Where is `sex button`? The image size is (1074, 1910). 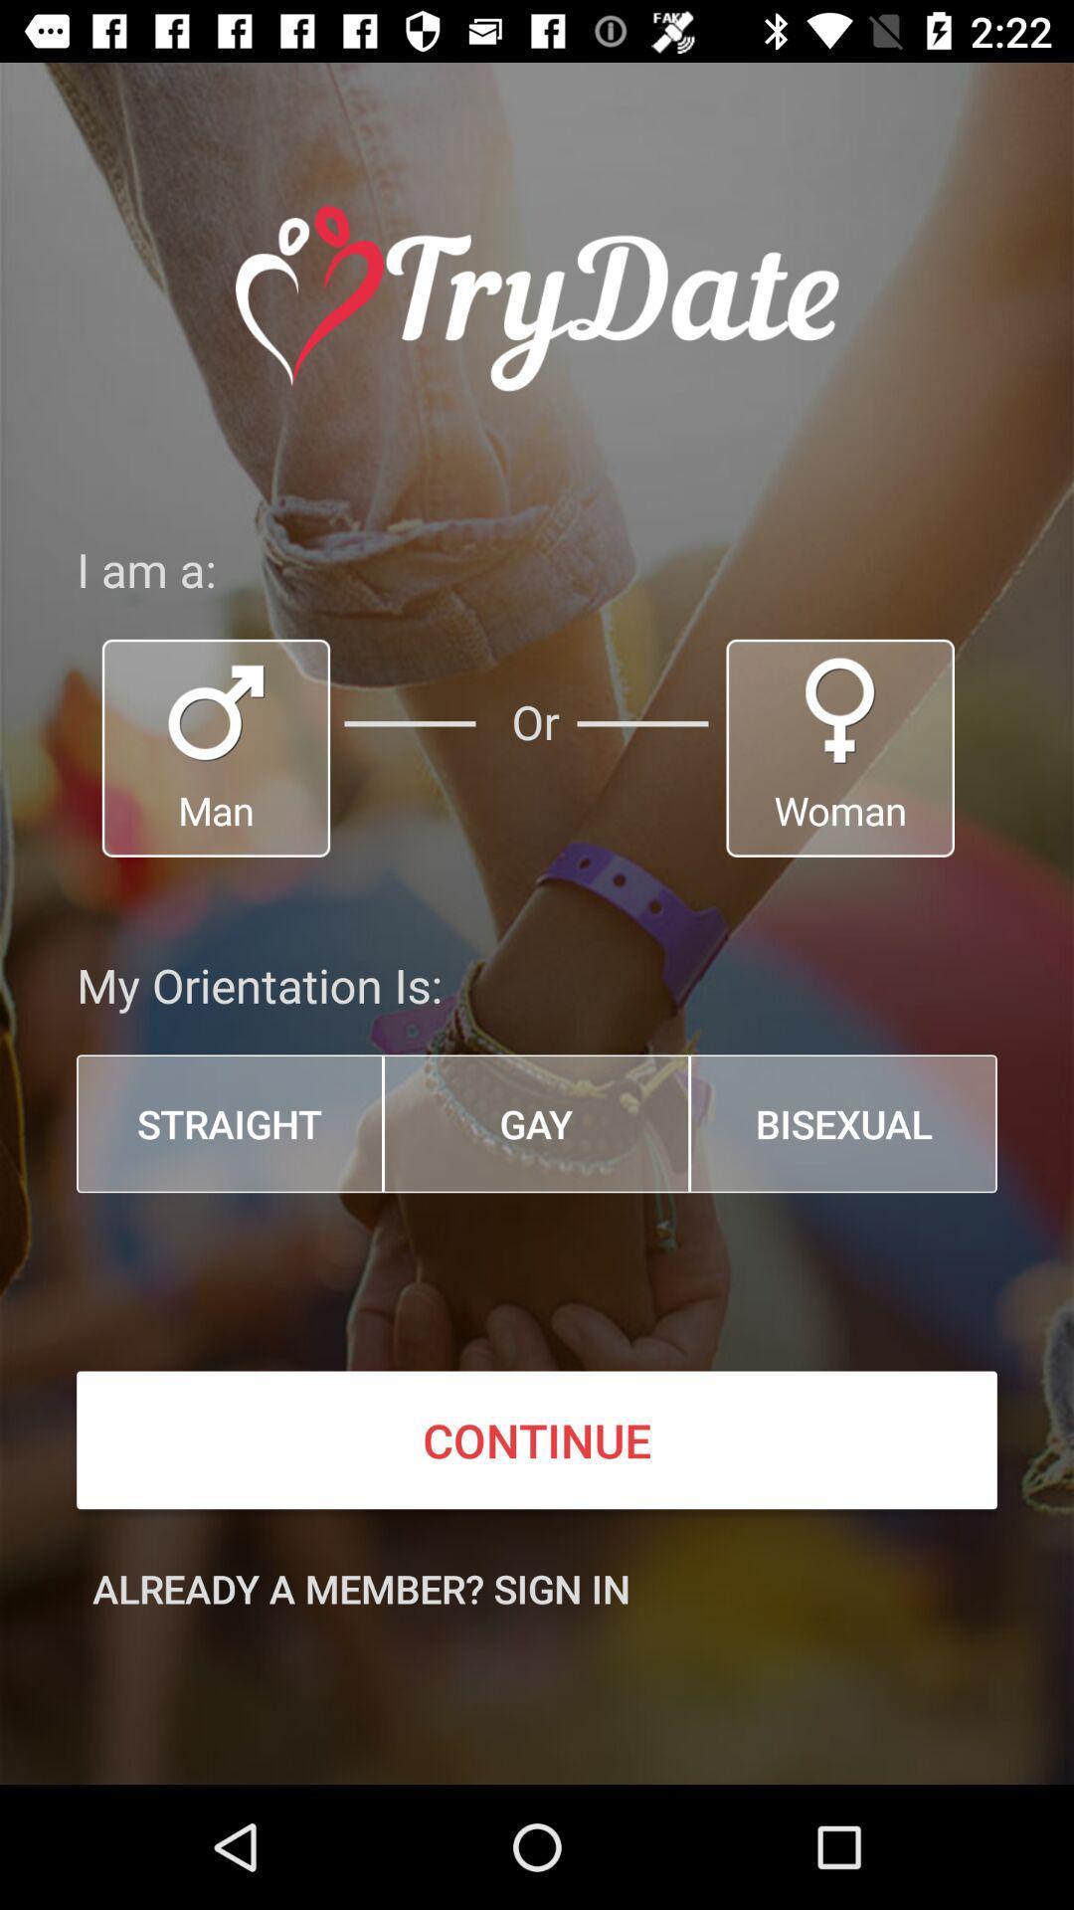
sex button is located at coordinates (216, 747).